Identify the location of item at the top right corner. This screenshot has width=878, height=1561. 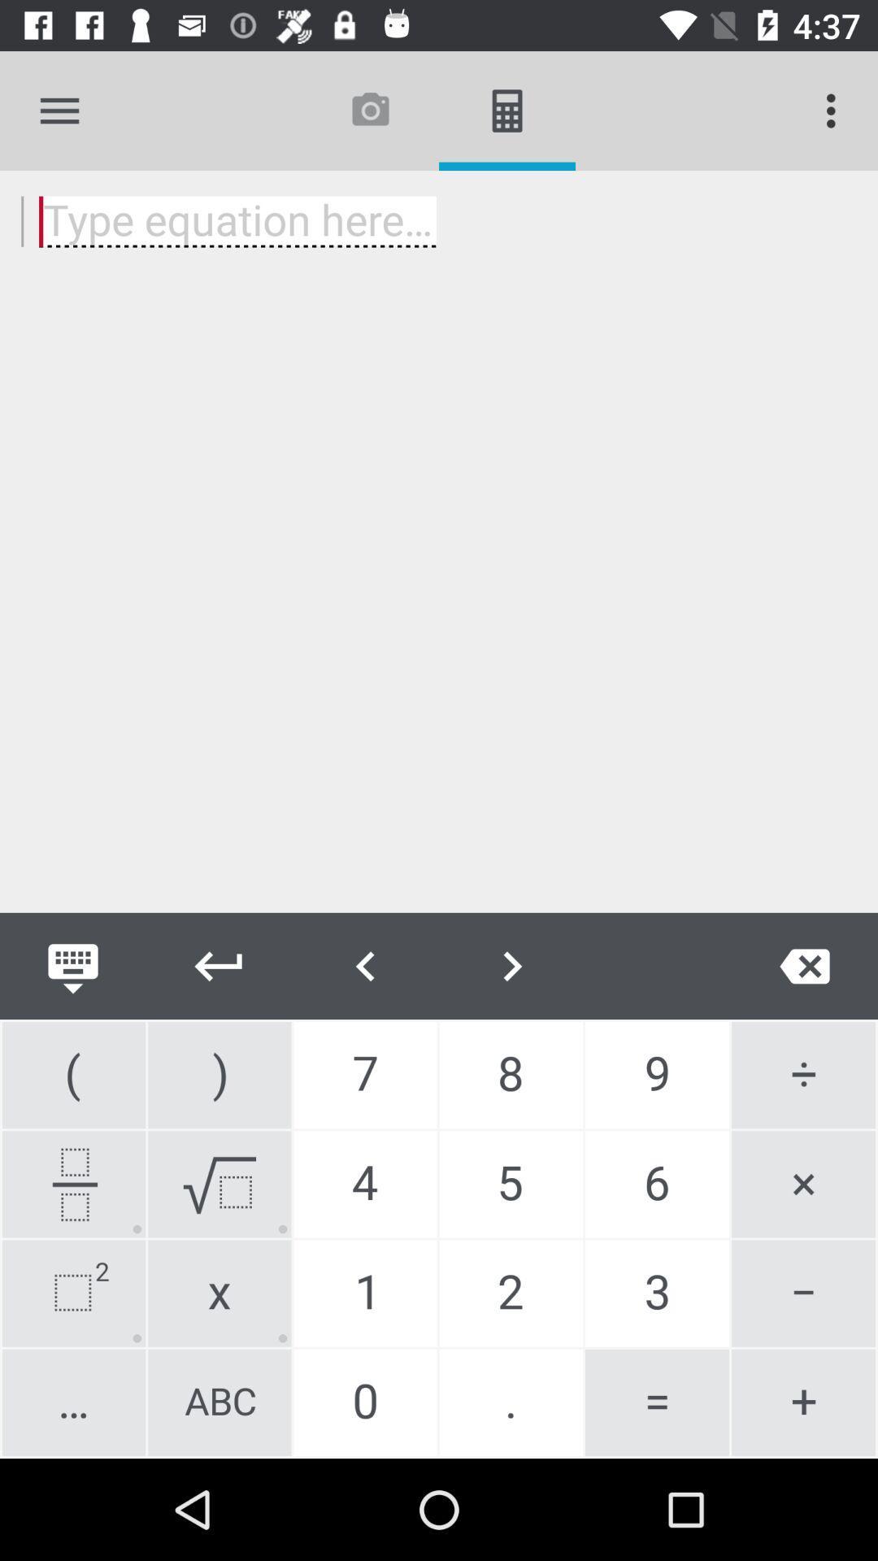
(835, 110).